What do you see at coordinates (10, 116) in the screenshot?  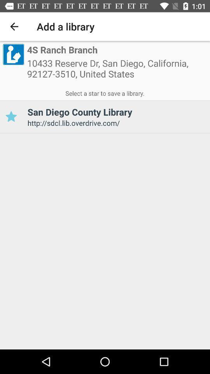 I see `the item to the left of san diego county item` at bounding box center [10, 116].